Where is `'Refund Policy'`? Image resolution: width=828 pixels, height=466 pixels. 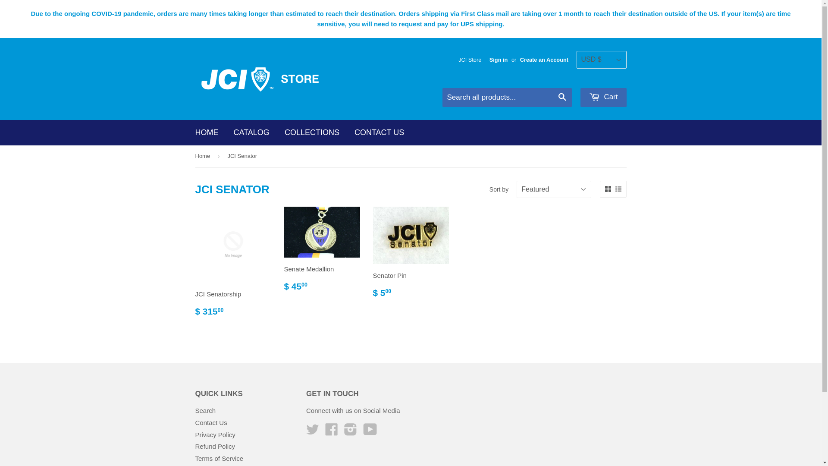
'Refund Policy' is located at coordinates (215, 446).